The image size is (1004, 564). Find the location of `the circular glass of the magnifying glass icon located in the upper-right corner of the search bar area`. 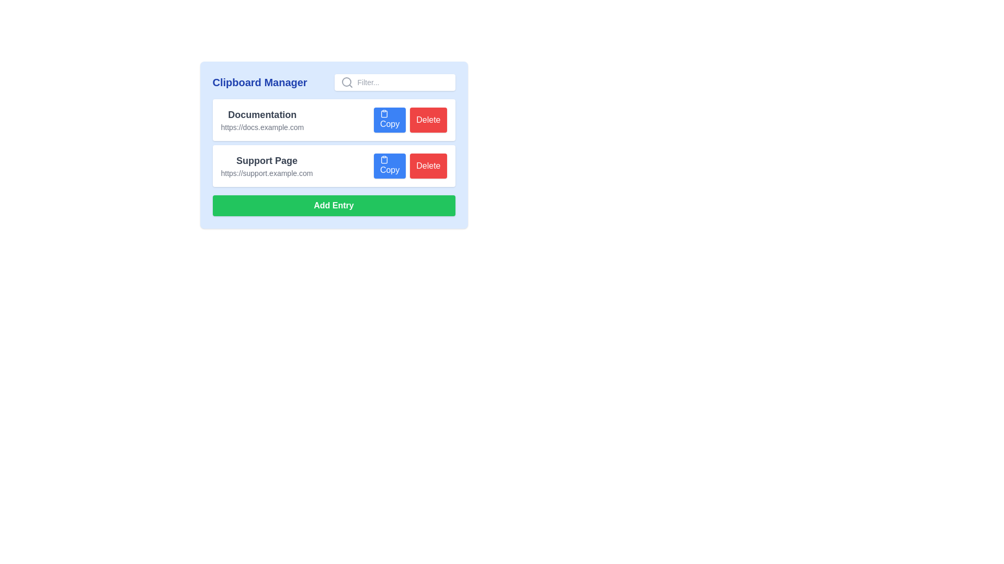

the circular glass of the magnifying glass icon located in the upper-right corner of the search bar area is located at coordinates (346, 81).